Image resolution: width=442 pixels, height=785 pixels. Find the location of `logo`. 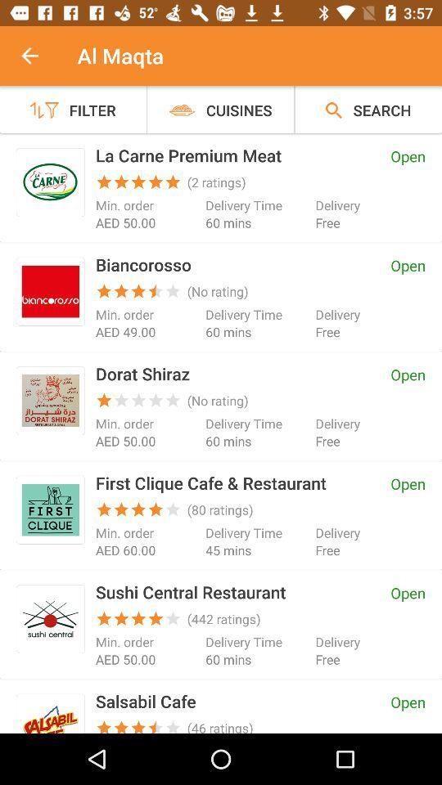

logo is located at coordinates (50, 618).